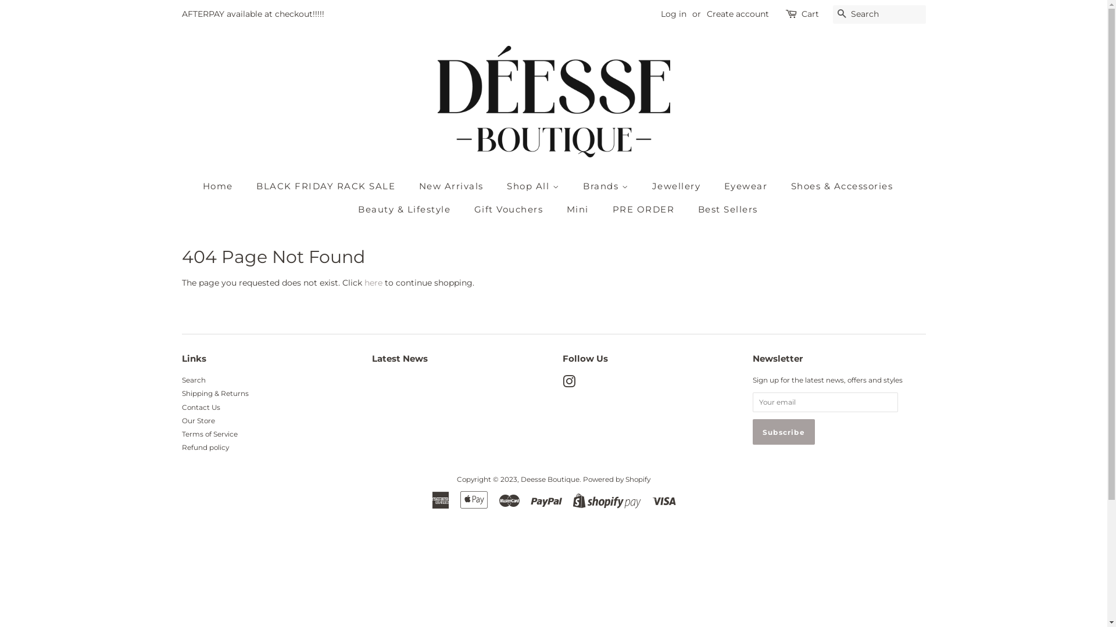 The height and width of the screenshot is (627, 1116). I want to click on 'Gift Vouchers', so click(466, 210).